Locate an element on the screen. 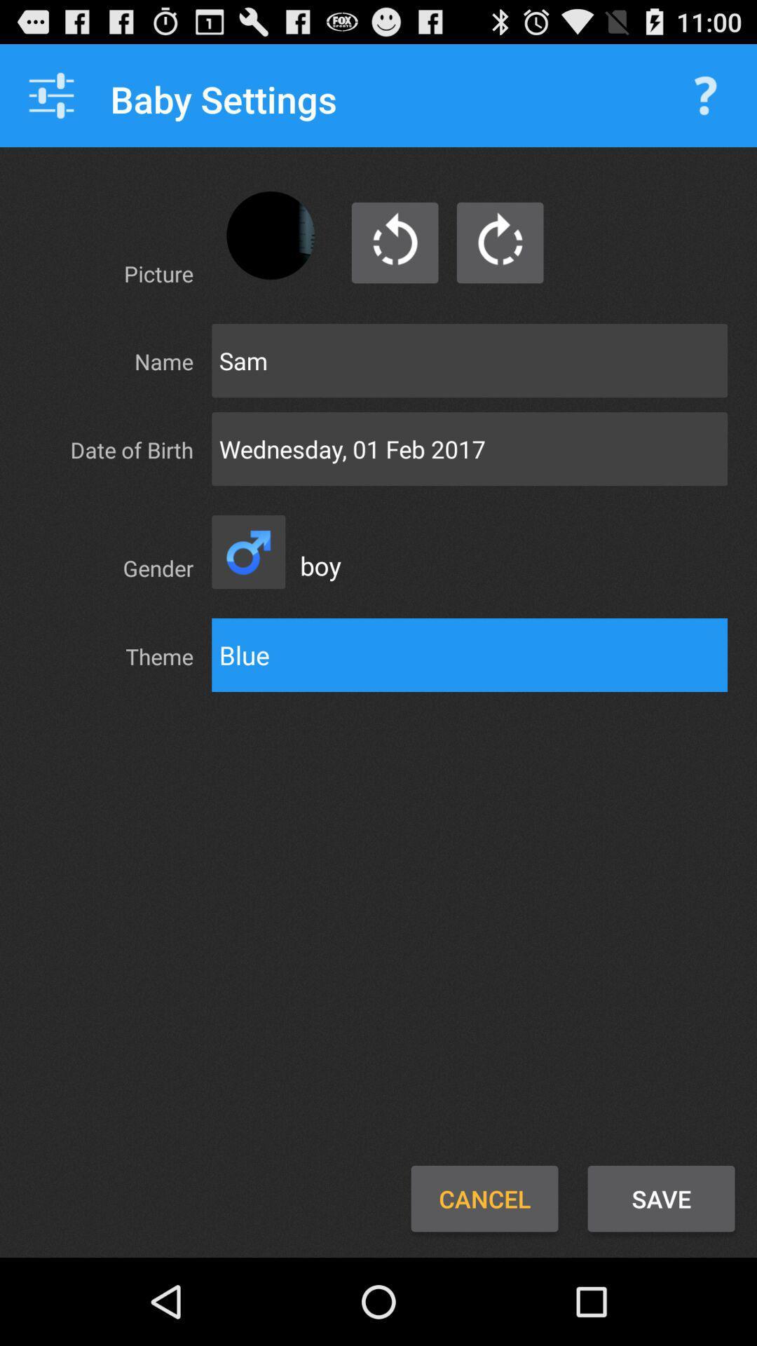  change picture is located at coordinates (271, 236).